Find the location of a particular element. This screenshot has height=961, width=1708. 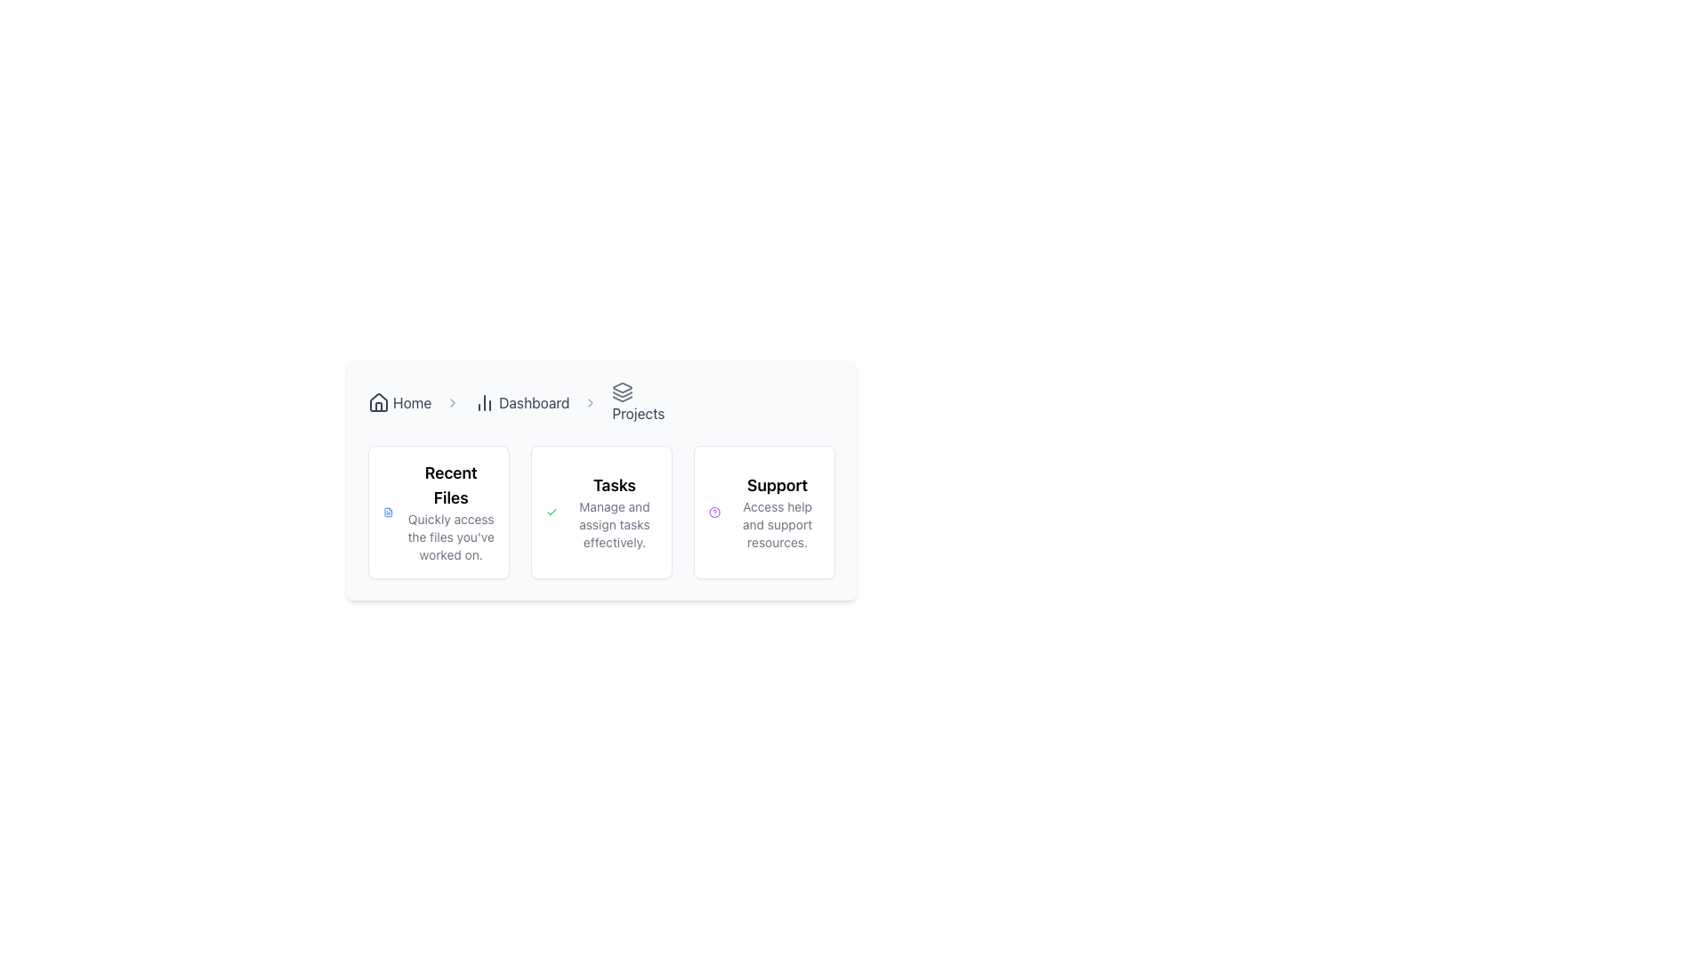

the central panel that serves as a dashboard for navigating to categorized sections such as tasks, files, and support is located at coordinates (601, 527).